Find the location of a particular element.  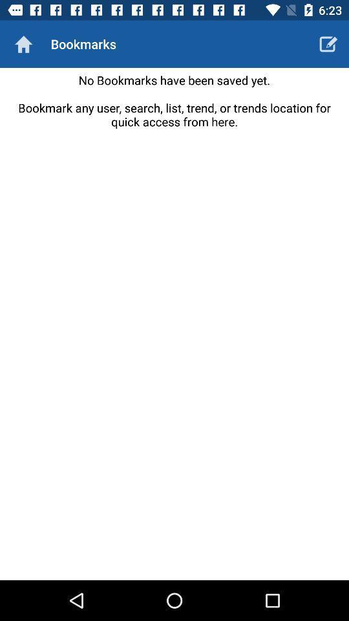

the icon next to bookmarks icon is located at coordinates (328, 44).